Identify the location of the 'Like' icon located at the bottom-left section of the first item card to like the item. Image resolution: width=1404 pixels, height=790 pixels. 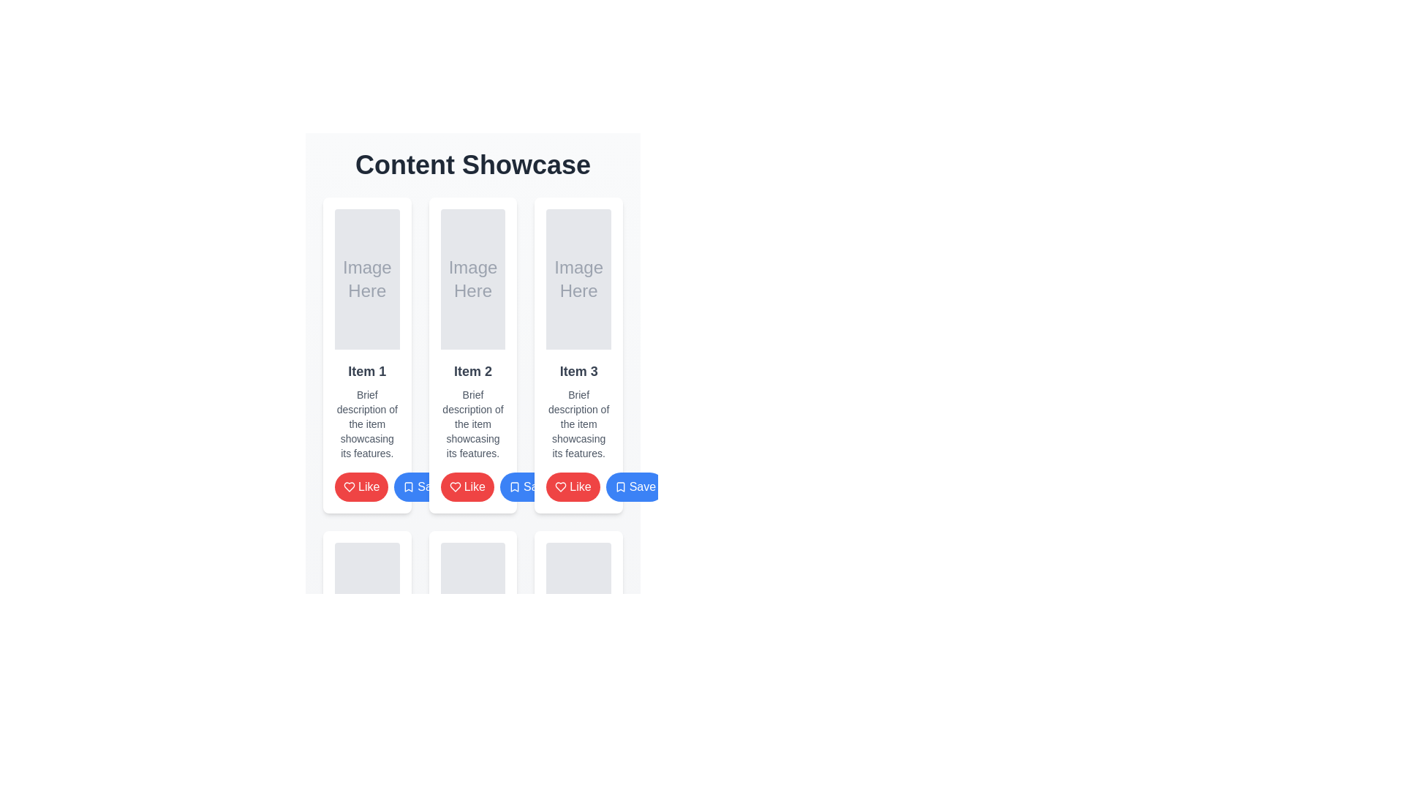
(349, 487).